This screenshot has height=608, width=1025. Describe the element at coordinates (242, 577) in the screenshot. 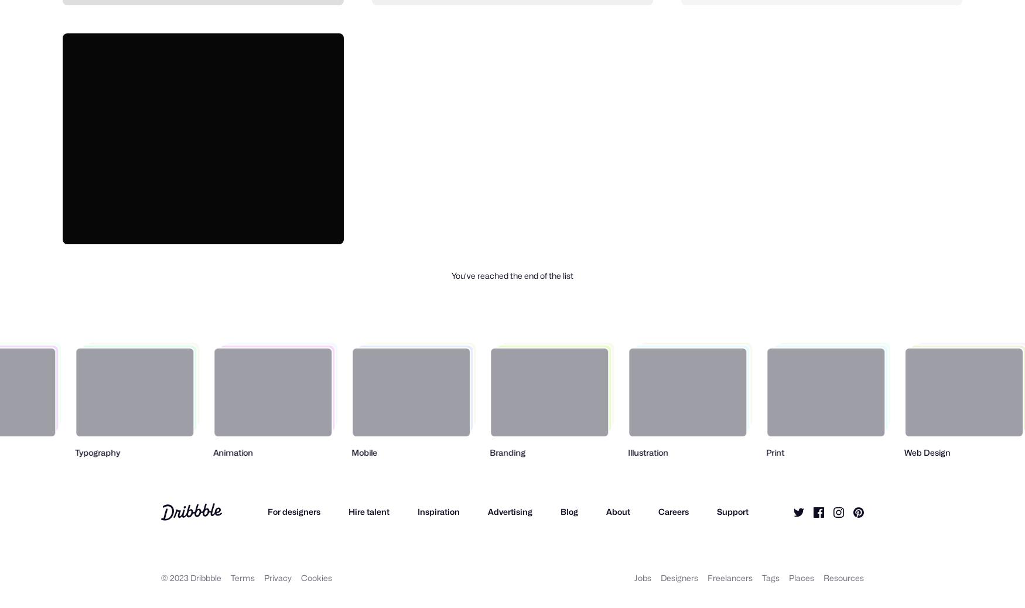

I see `'Terms'` at that location.